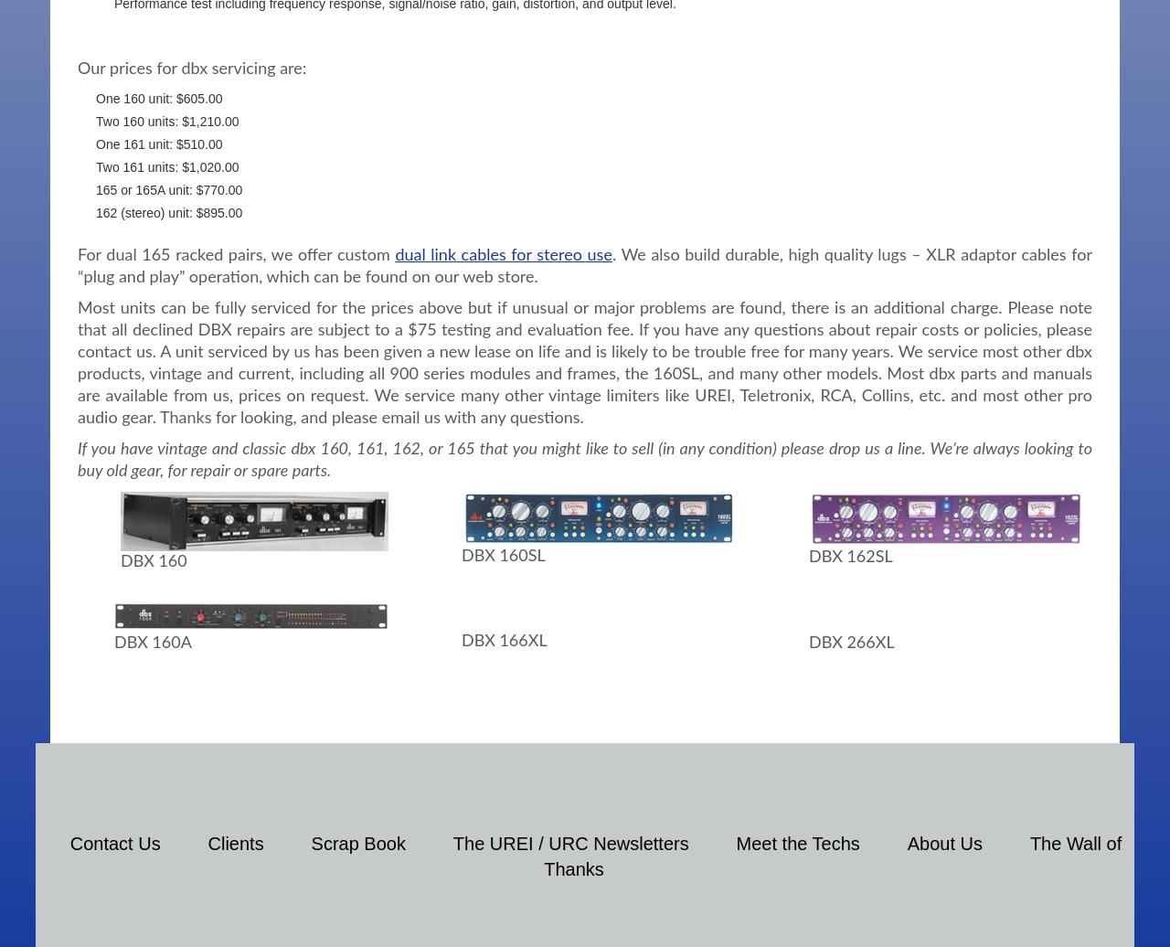 The width and height of the screenshot is (1170, 947). Describe the element at coordinates (168, 211) in the screenshot. I see `'162 (stereo) unit: $895.00'` at that location.